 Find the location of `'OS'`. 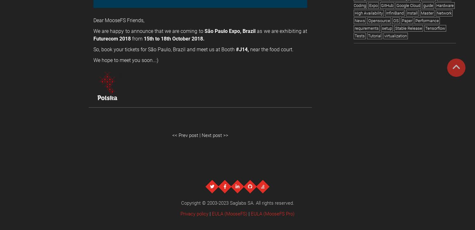

'OS' is located at coordinates (393, 21).